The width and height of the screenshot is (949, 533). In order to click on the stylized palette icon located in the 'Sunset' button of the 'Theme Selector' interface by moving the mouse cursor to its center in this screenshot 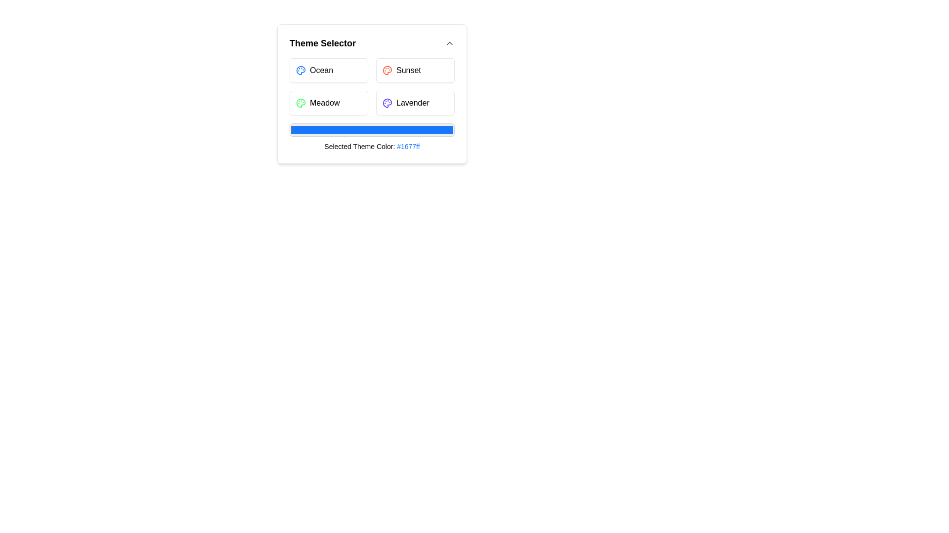, I will do `click(387, 70)`.